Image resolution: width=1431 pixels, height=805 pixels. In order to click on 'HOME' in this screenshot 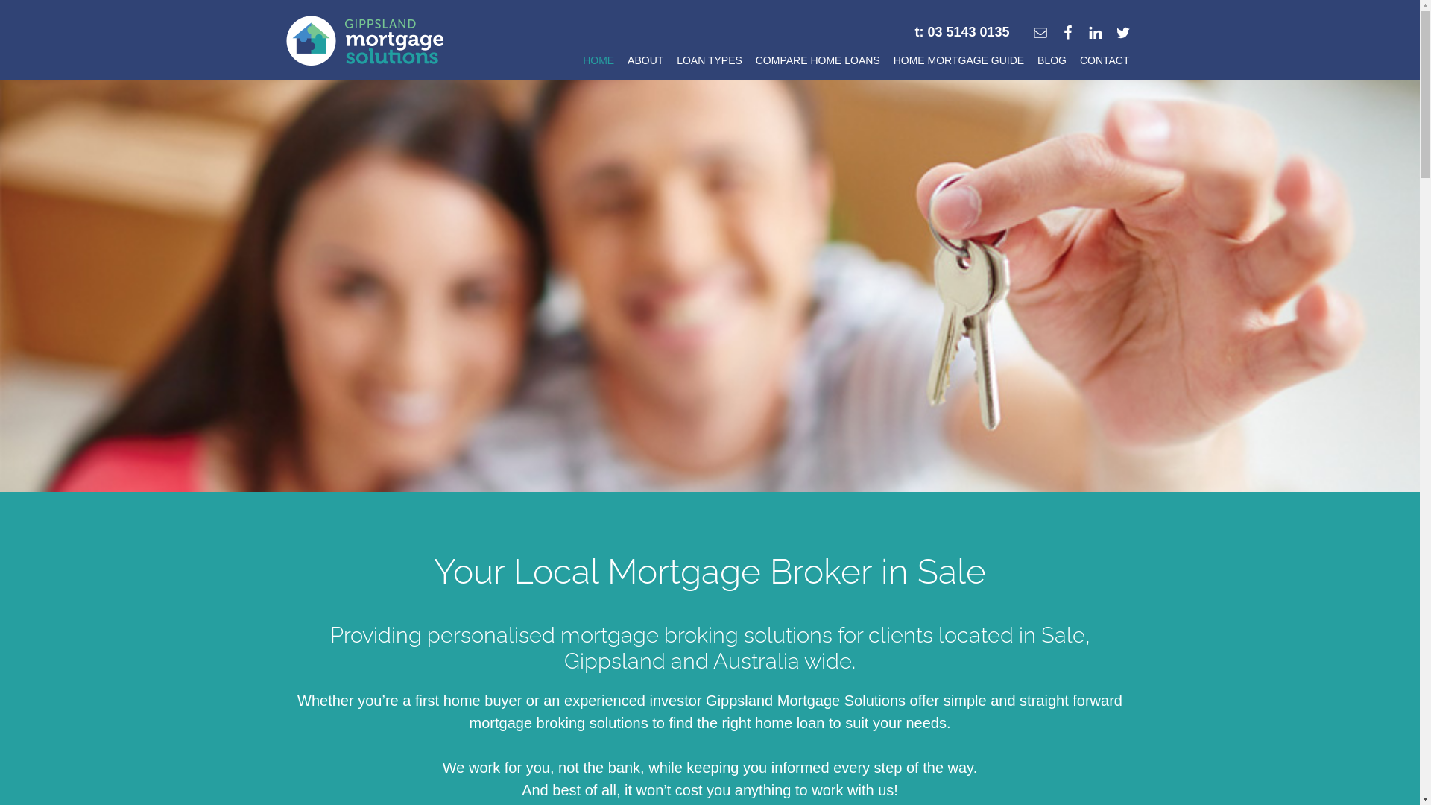, I will do `click(598, 63)`.